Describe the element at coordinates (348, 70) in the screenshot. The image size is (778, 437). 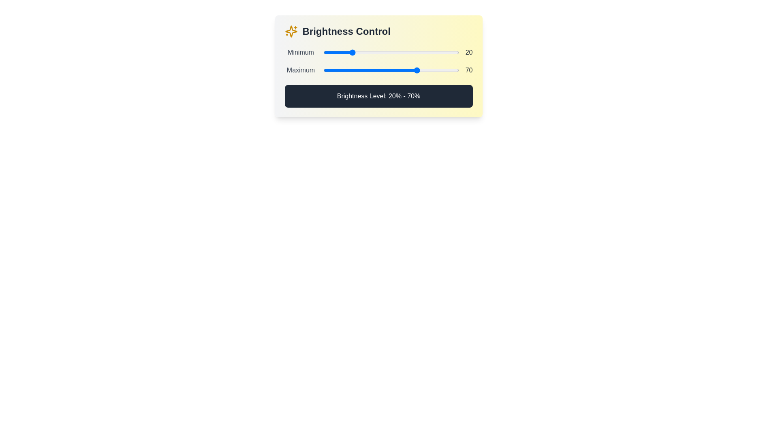
I see `the maximum brightness level to 18% by interacting with the second slider` at that location.